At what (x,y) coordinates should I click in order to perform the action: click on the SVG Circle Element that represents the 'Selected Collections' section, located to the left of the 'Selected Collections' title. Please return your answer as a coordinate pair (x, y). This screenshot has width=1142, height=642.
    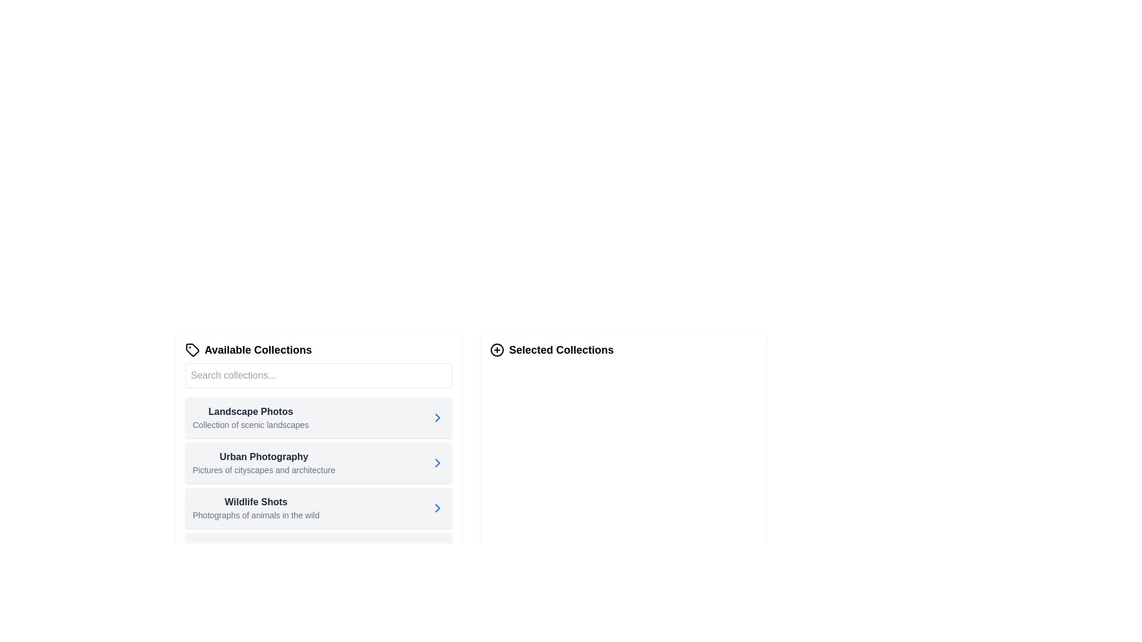
    Looking at the image, I should click on (497, 350).